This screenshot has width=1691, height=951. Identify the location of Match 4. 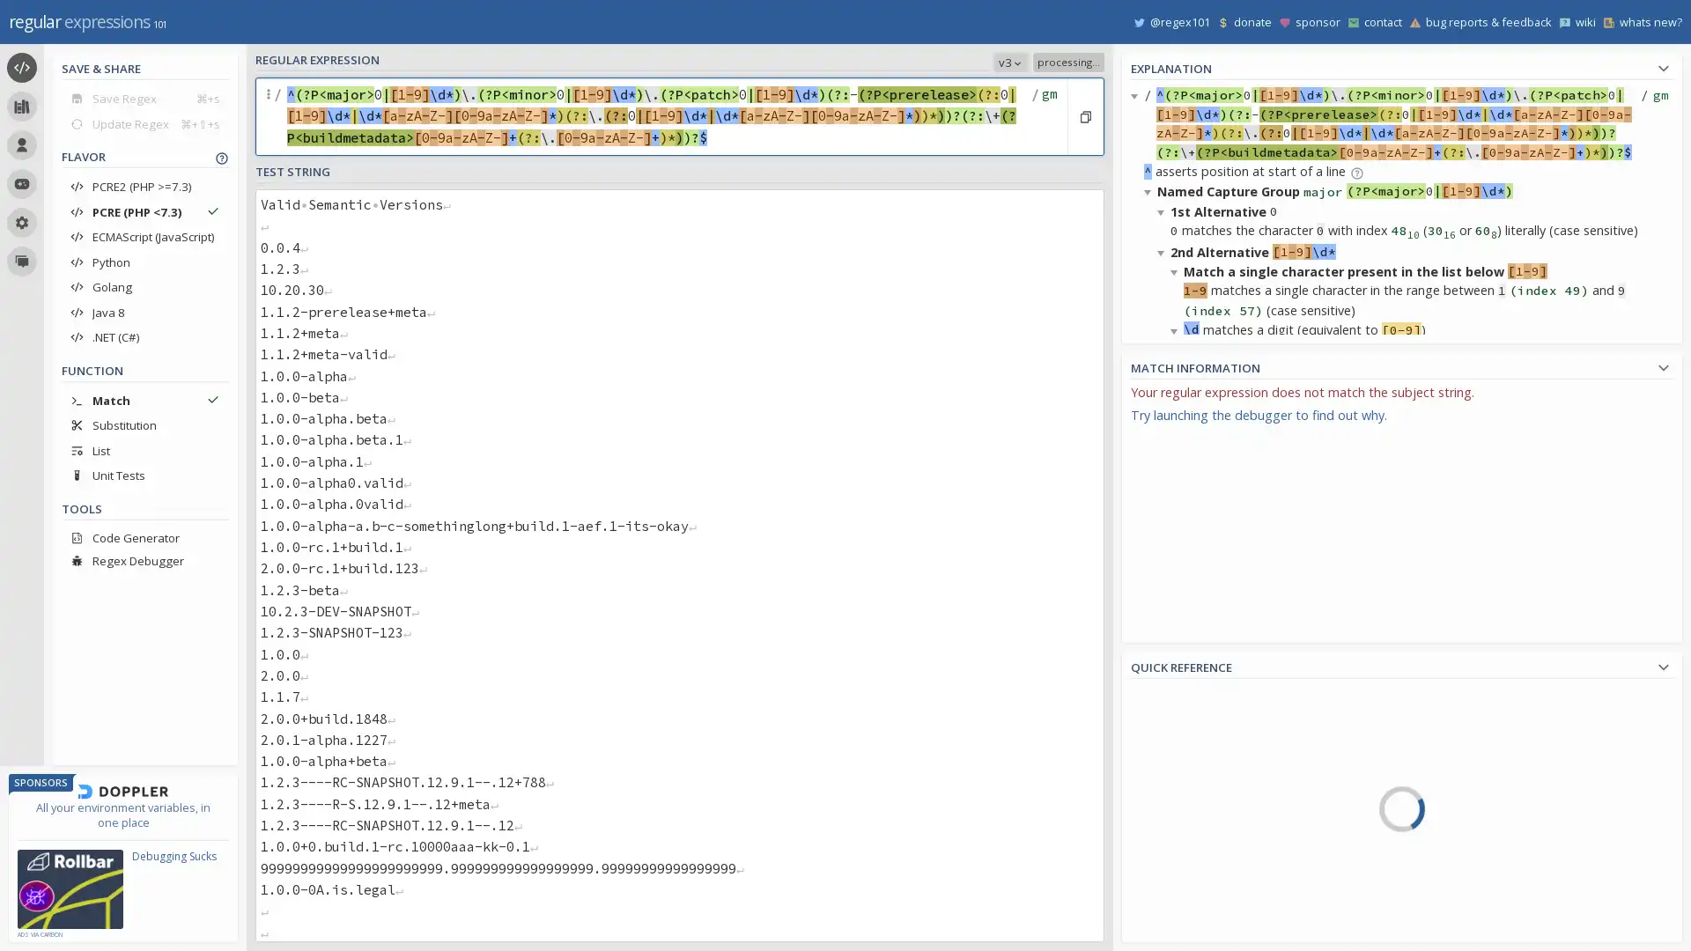
(1208, 837).